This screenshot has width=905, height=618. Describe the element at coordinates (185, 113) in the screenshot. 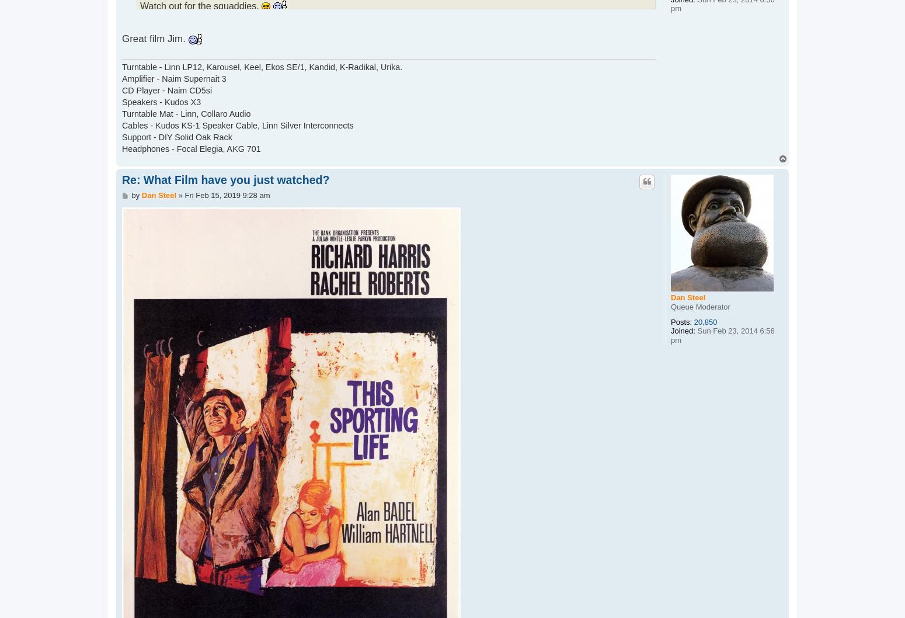

I see `'Turntable Mat - Linn, Collaro Audio'` at that location.